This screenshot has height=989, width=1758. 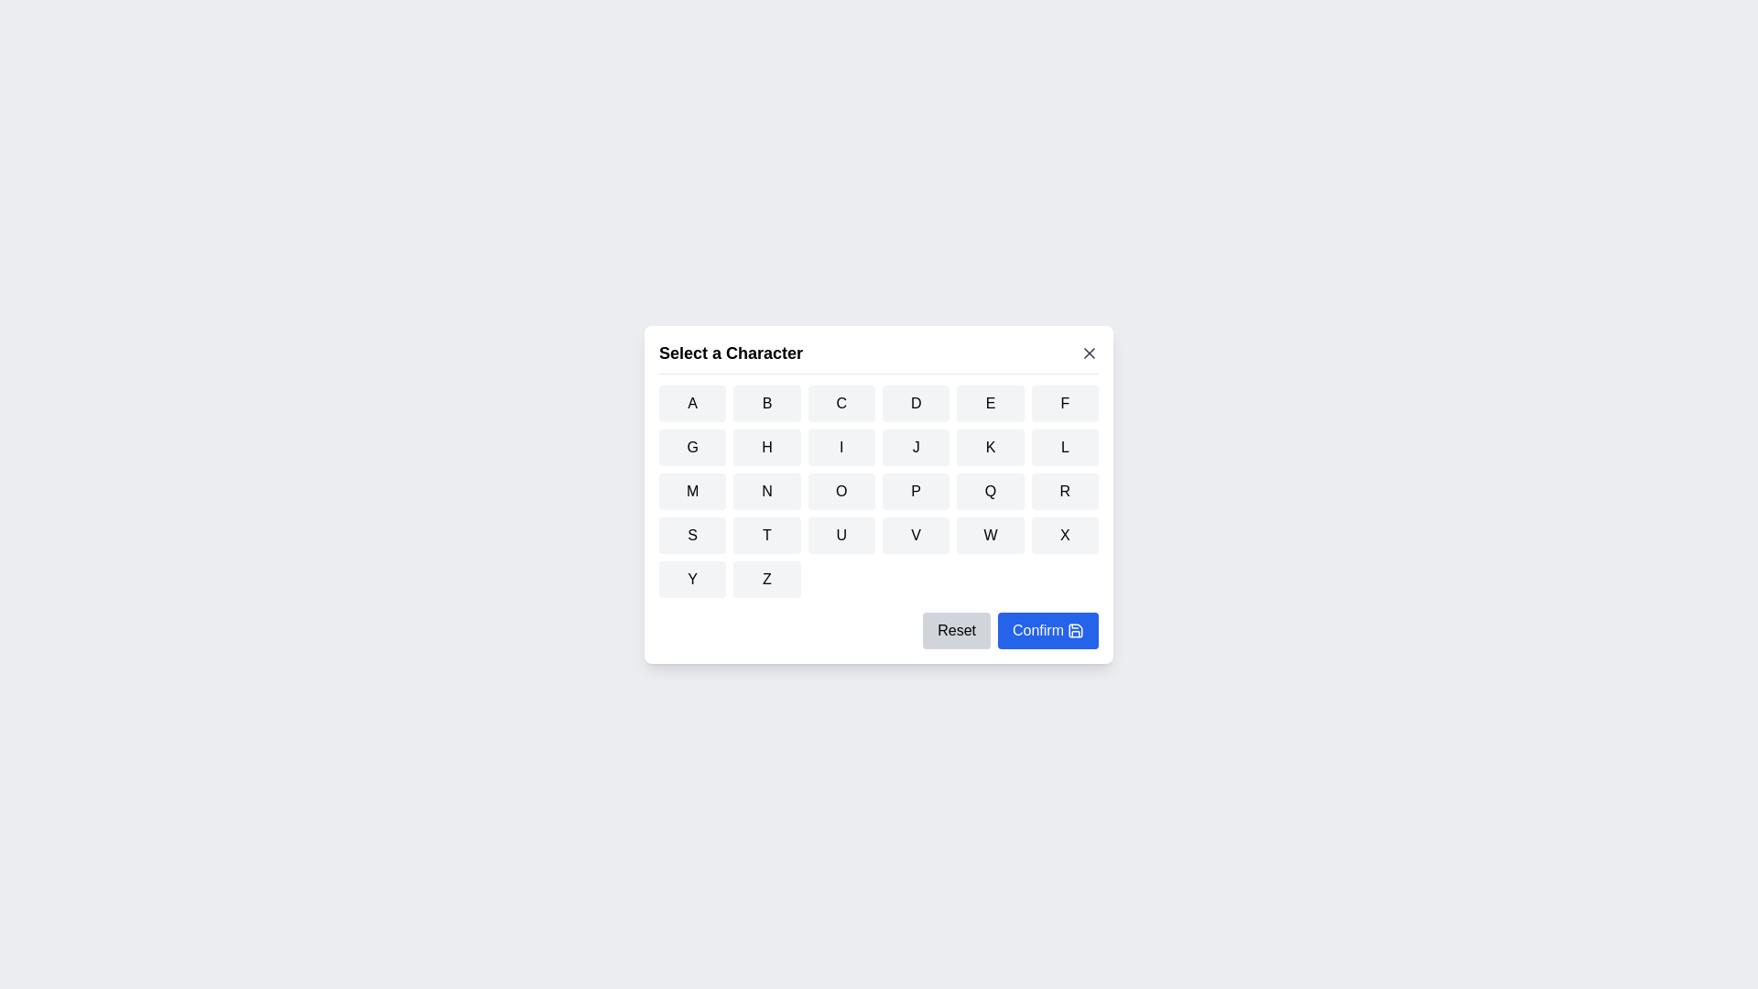 What do you see at coordinates (989, 401) in the screenshot?
I see `the button corresponding to the character E to select it` at bounding box center [989, 401].